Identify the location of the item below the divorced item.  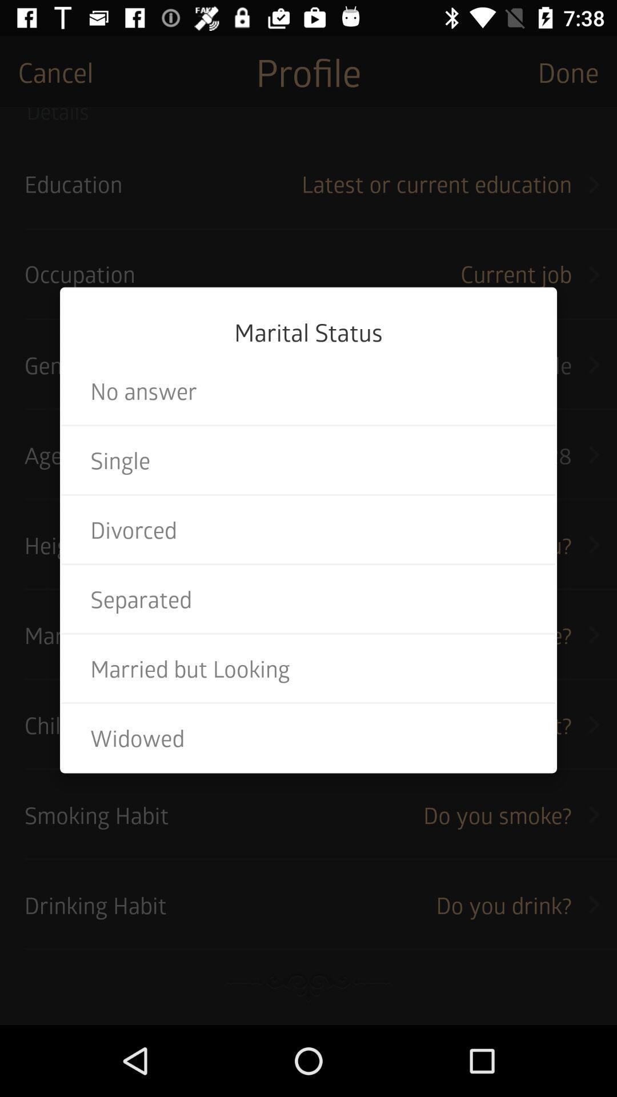
(308, 598).